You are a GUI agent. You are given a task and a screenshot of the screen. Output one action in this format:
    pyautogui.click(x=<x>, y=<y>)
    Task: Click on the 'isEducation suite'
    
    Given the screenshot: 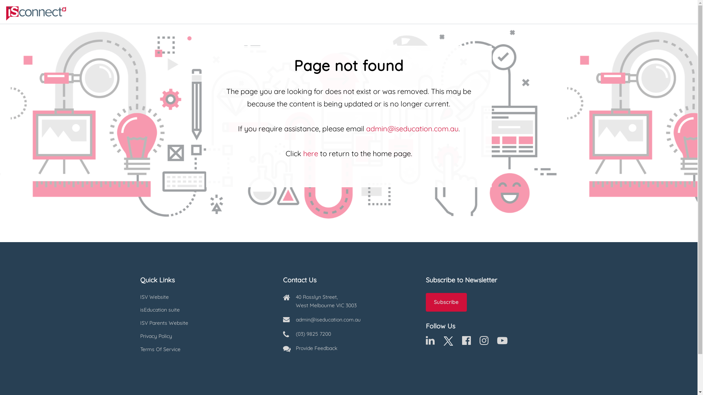 What is the action you would take?
    pyautogui.click(x=205, y=310)
    